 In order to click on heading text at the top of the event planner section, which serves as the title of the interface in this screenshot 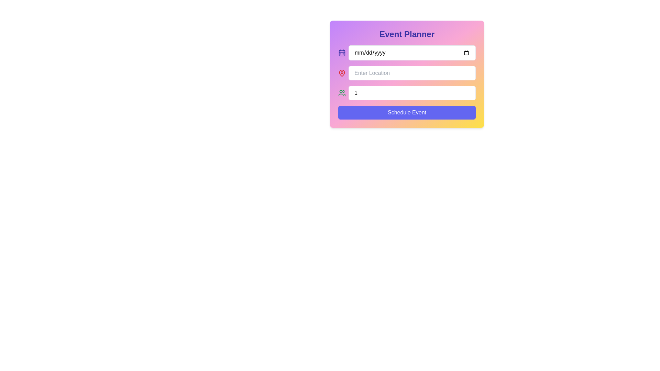, I will do `click(407, 34)`.